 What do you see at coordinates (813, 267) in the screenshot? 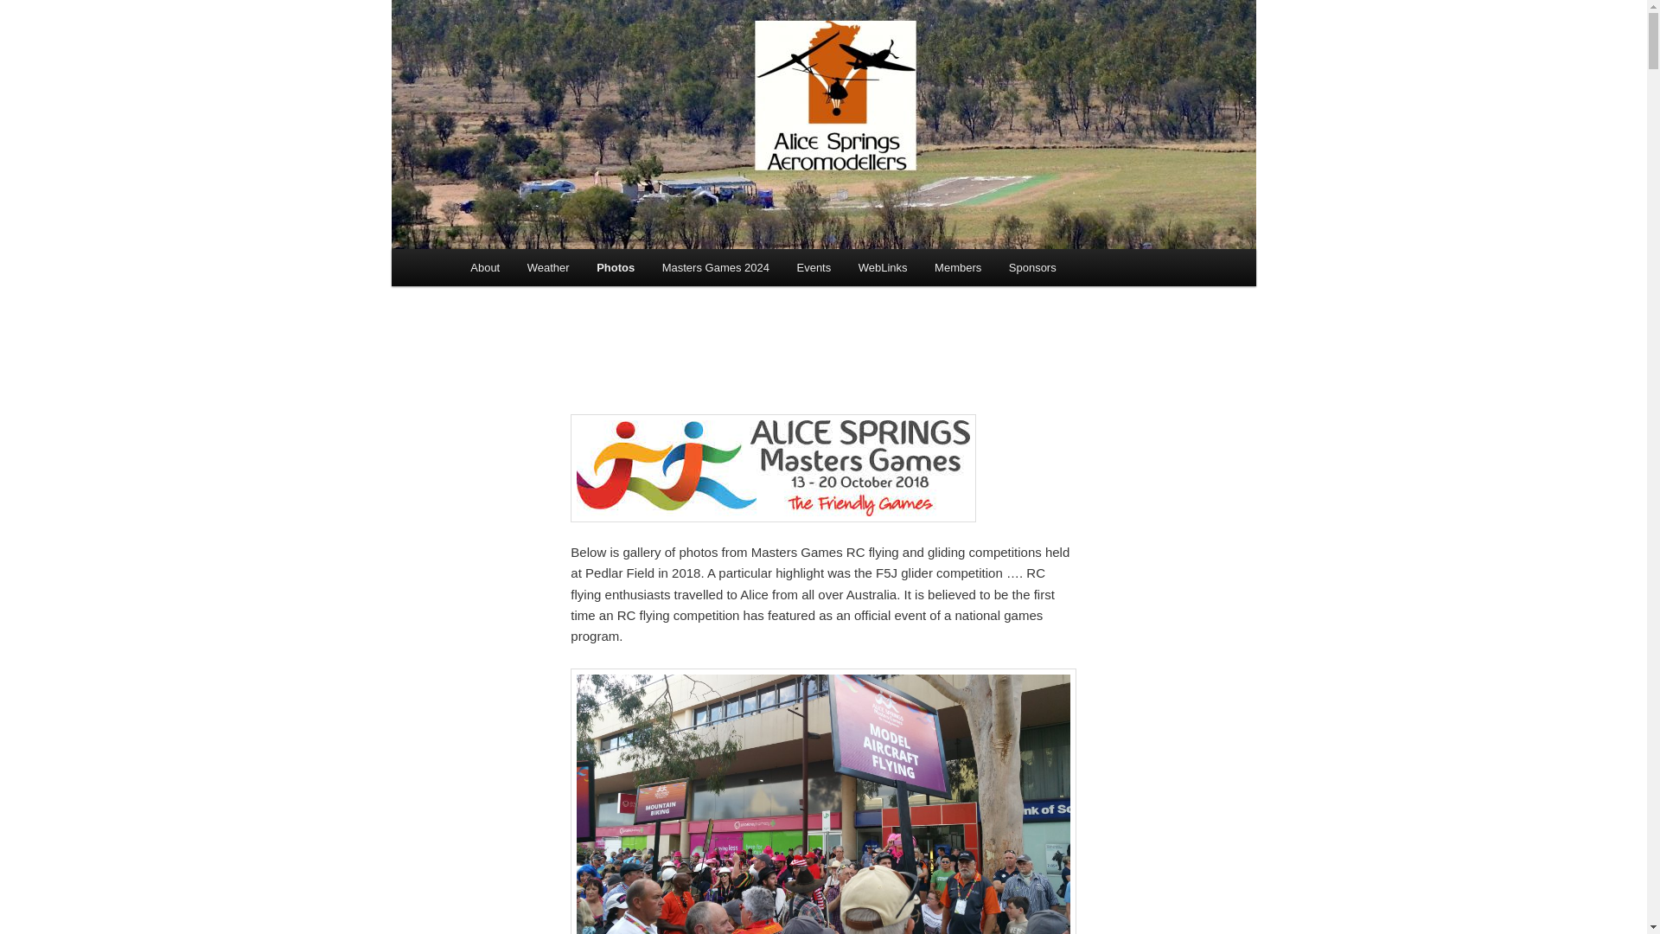
I see `'Events'` at bounding box center [813, 267].